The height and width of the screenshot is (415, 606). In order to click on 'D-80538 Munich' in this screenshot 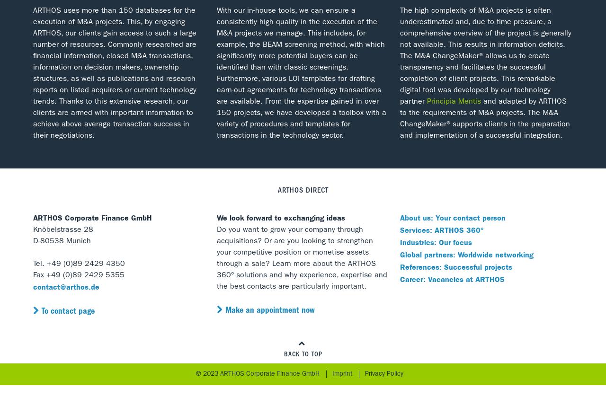, I will do `click(33, 241)`.